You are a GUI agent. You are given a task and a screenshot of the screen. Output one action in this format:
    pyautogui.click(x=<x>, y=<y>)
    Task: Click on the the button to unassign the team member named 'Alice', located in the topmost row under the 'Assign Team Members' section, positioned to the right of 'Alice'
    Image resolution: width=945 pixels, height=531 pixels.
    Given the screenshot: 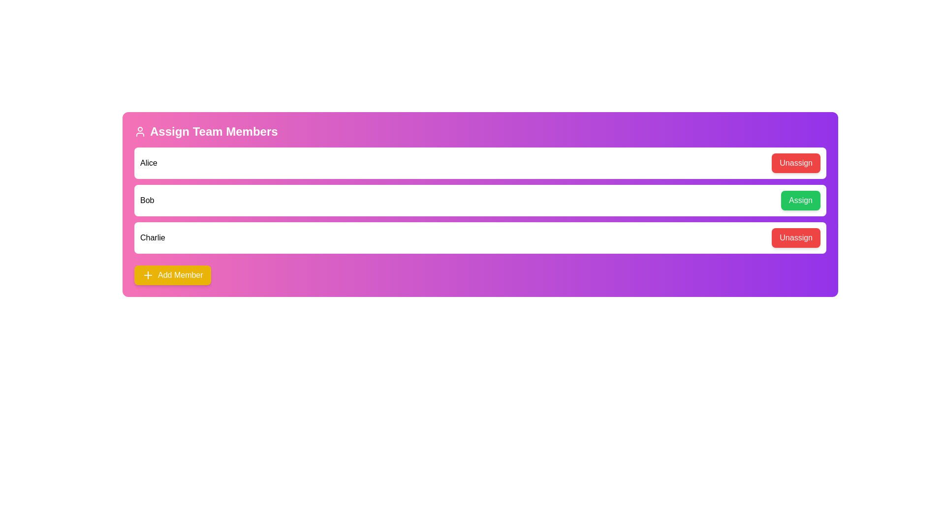 What is the action you would take?
    pyautogui.click(x=796, y=162)
    